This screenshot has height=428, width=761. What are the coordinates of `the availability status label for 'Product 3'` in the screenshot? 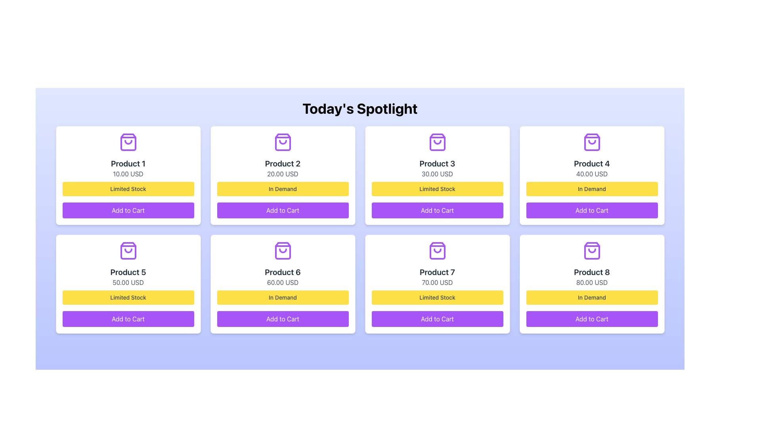 It's located at (437, 189).